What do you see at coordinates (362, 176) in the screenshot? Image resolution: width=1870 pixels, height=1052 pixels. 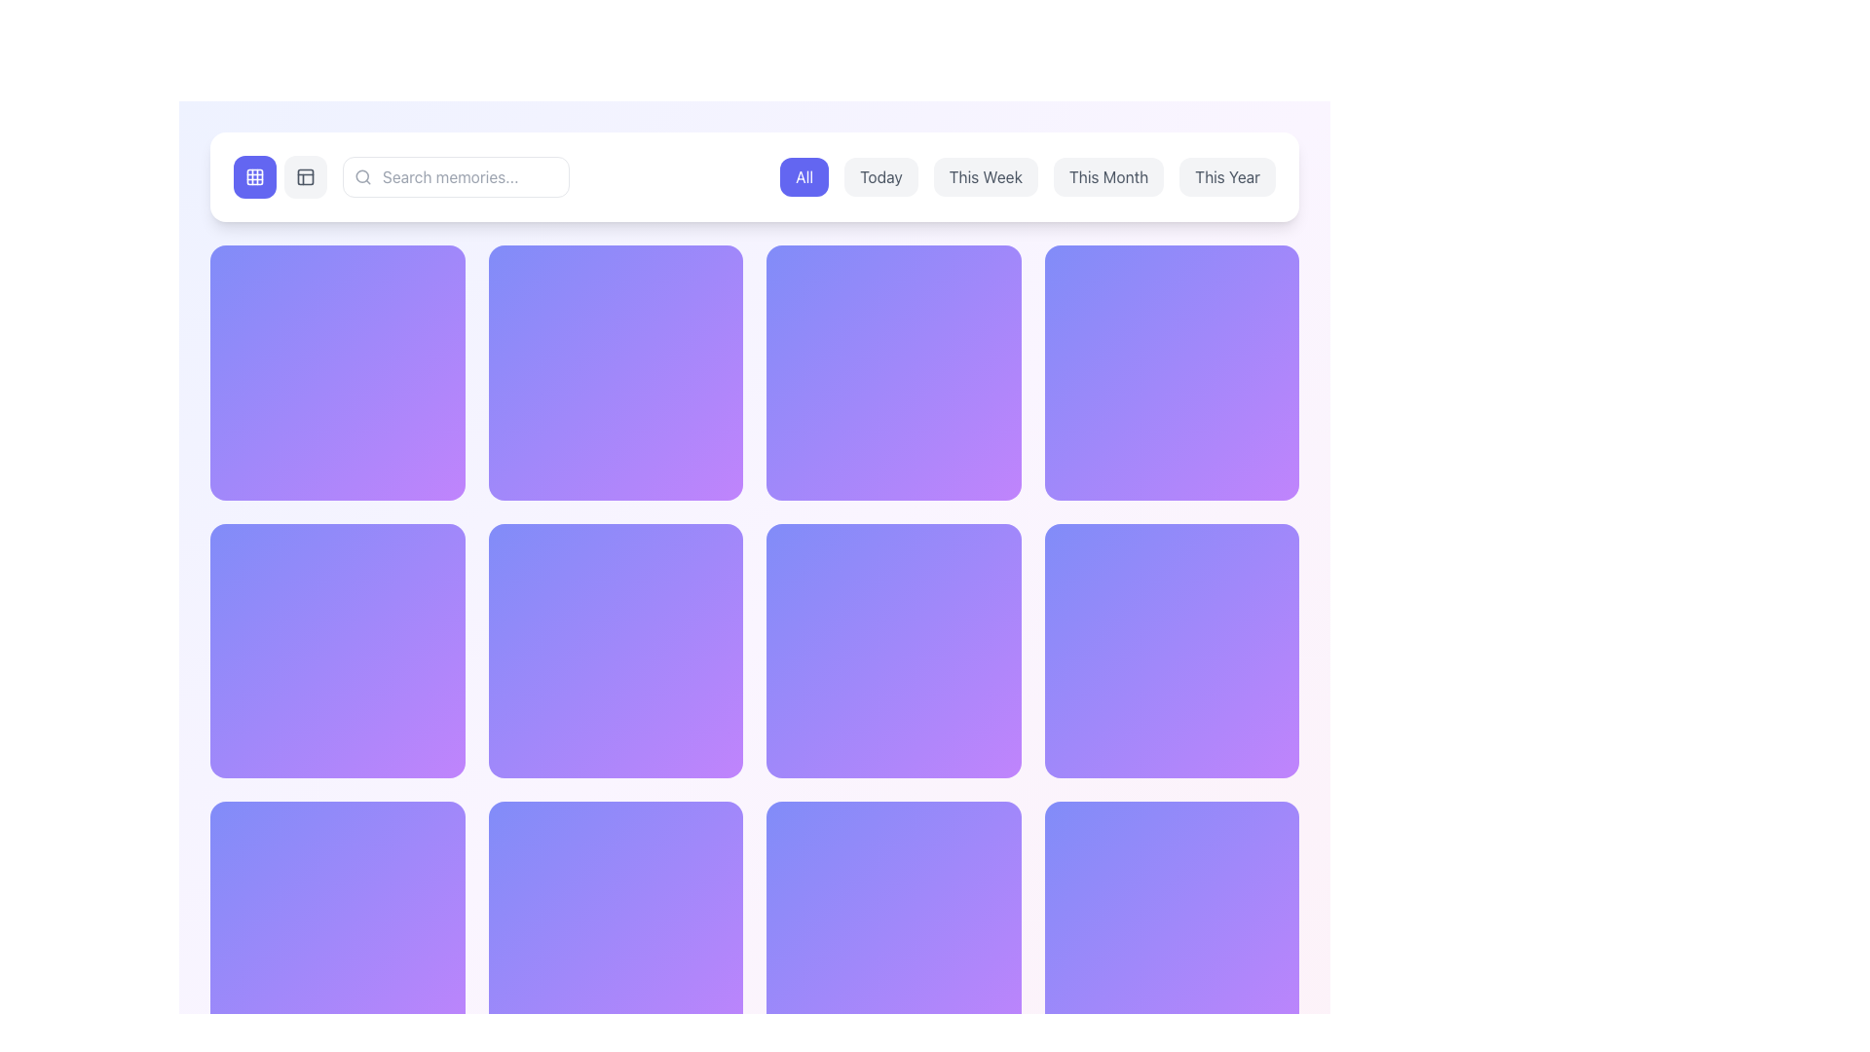 I see `circular element located centrally within the magnifying glass icon in the header bar using developer tools` at bounding box center [362, 176].